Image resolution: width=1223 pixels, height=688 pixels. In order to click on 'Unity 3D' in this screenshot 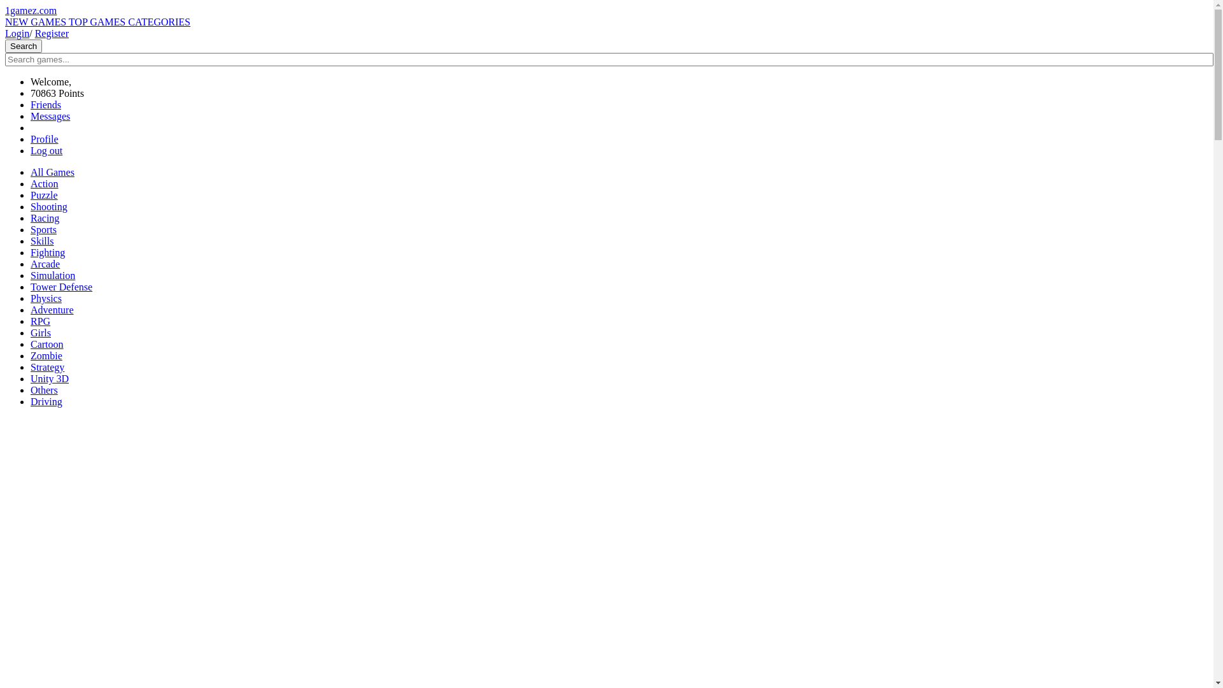, I will do `click(49, 378)`.